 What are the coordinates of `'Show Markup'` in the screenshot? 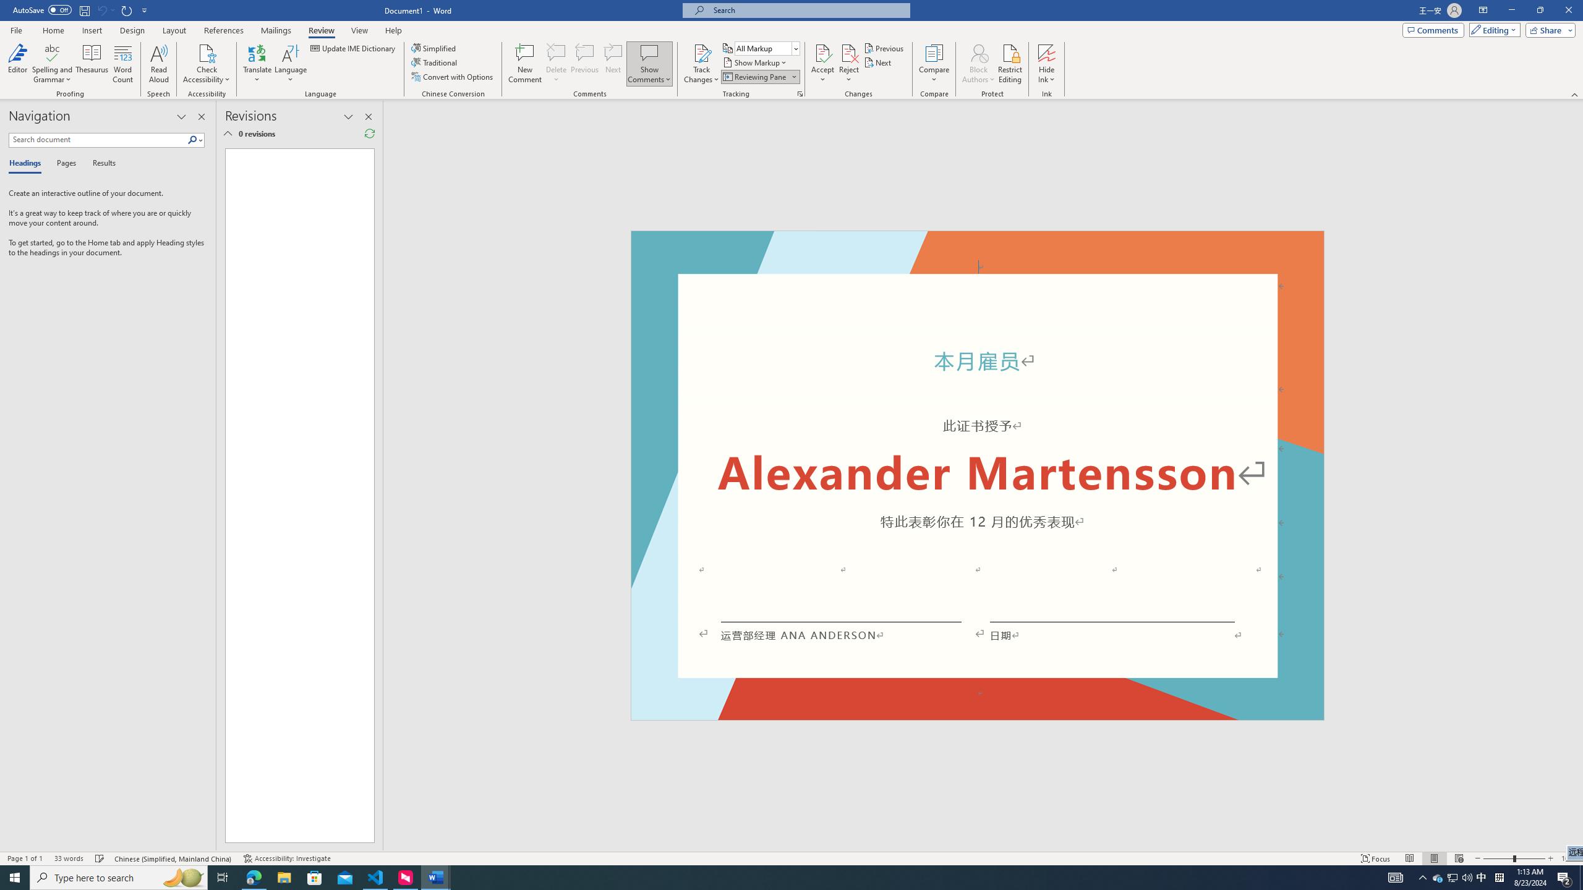 It's located at (756, 61).